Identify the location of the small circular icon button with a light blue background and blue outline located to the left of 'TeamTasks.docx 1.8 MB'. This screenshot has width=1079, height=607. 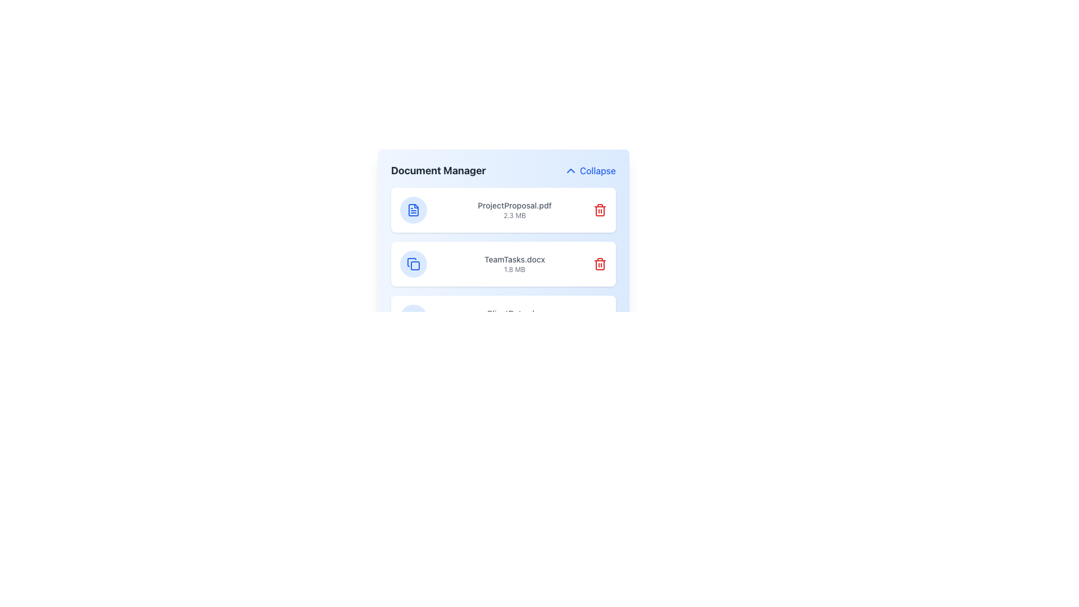
(412, 264).